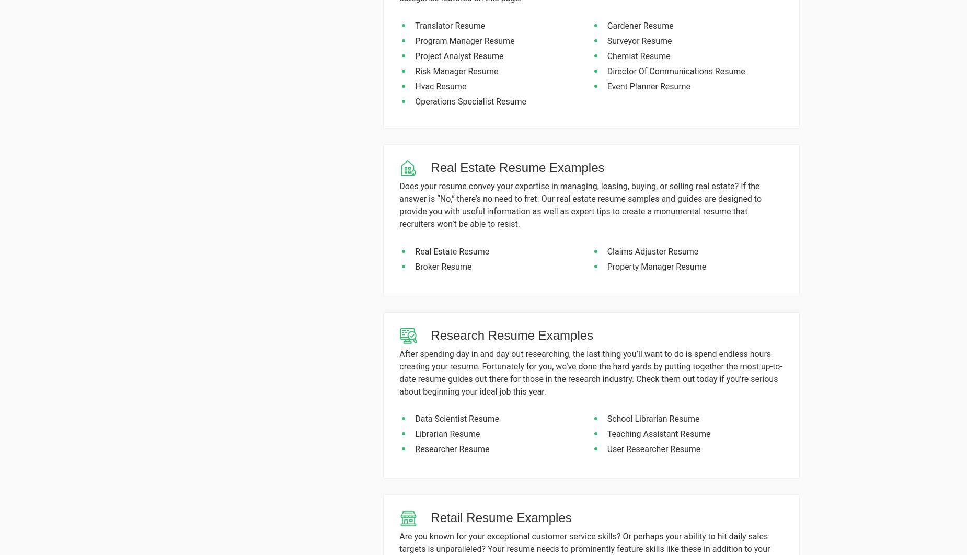 The width and height of the screenshot is (967, 555). What do you see at coordinates (452, 448) in the screenshot?
I see `'Researcher Resume'` at bounding box center [452, 448].